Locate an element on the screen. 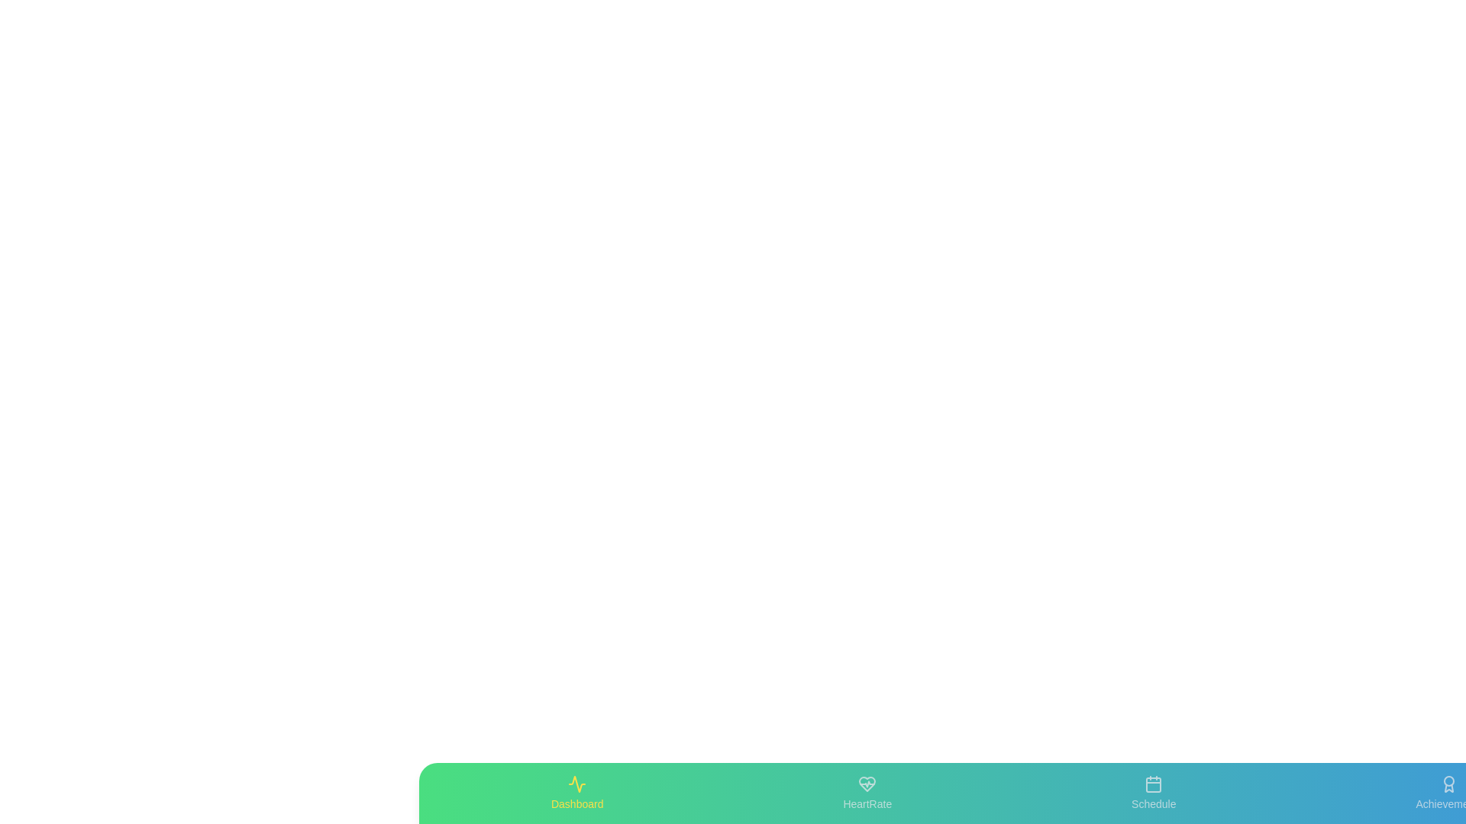 The width and height of the screenshot is (1466, 824). the icon labeled Schedule to display additional information is located at coordinates (1154, 793).